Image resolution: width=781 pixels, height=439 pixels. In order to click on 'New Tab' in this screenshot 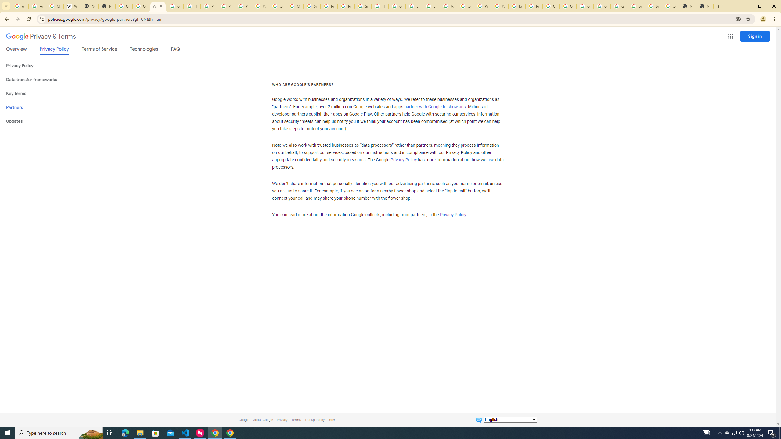, I will do `click(705, 6)`.